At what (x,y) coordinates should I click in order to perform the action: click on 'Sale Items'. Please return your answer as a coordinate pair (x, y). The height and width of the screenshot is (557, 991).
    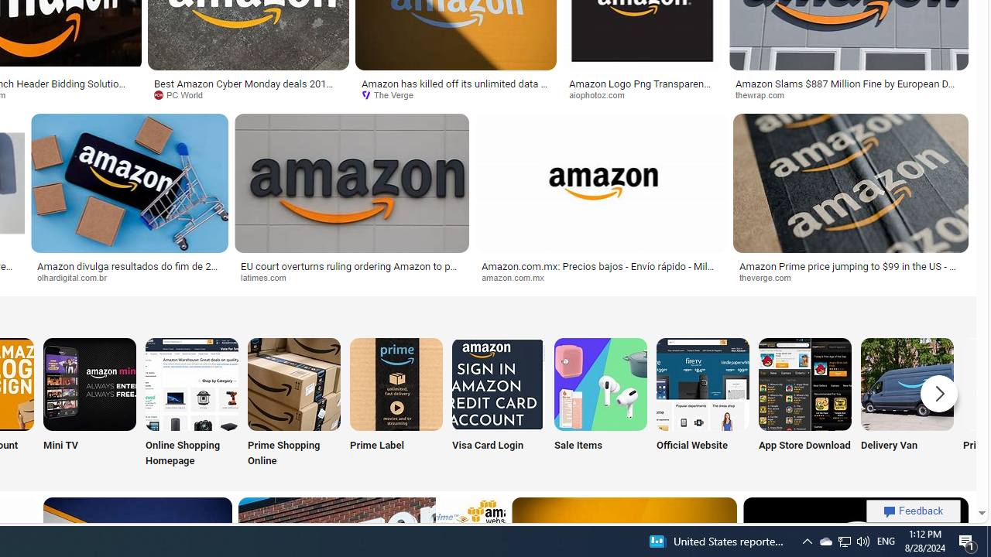
    Looking at the image, I should click on (599, 403).